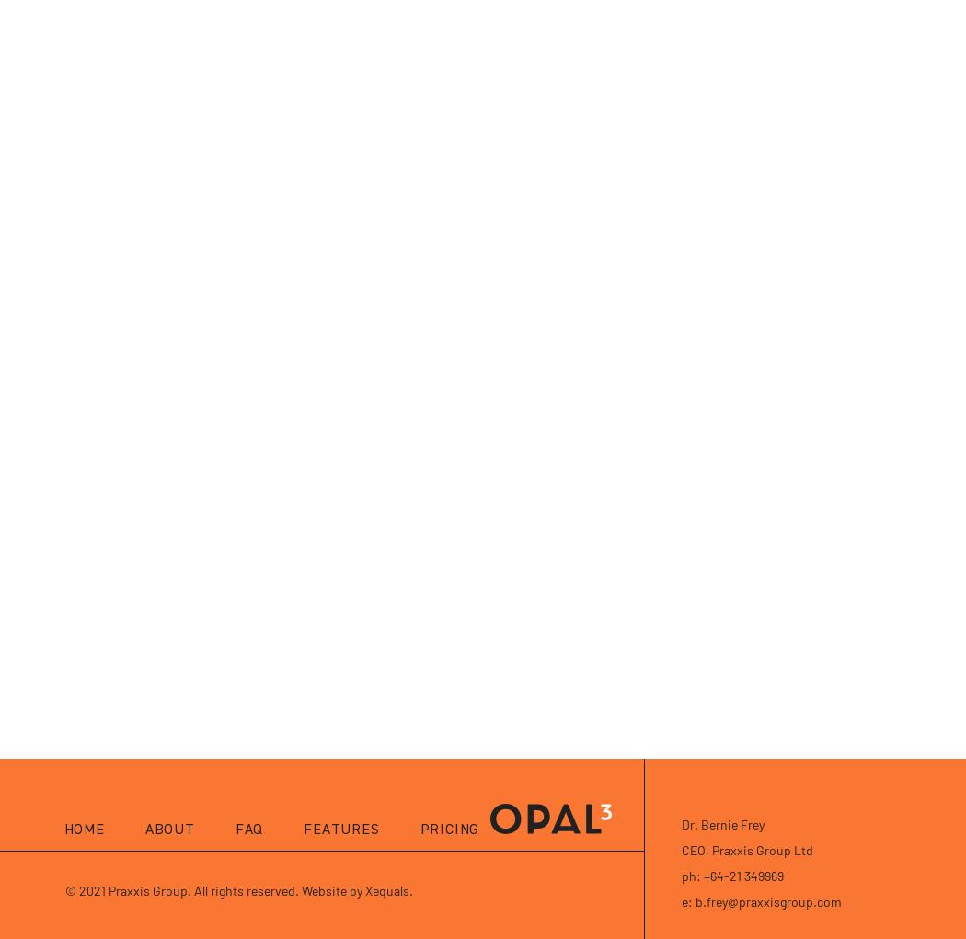 The width and height of the screenshot is (966, 939). What do you see at coordinates (449, 828) in the screenshot?
I see `'Pricing'` at bounding box center [449, 828].